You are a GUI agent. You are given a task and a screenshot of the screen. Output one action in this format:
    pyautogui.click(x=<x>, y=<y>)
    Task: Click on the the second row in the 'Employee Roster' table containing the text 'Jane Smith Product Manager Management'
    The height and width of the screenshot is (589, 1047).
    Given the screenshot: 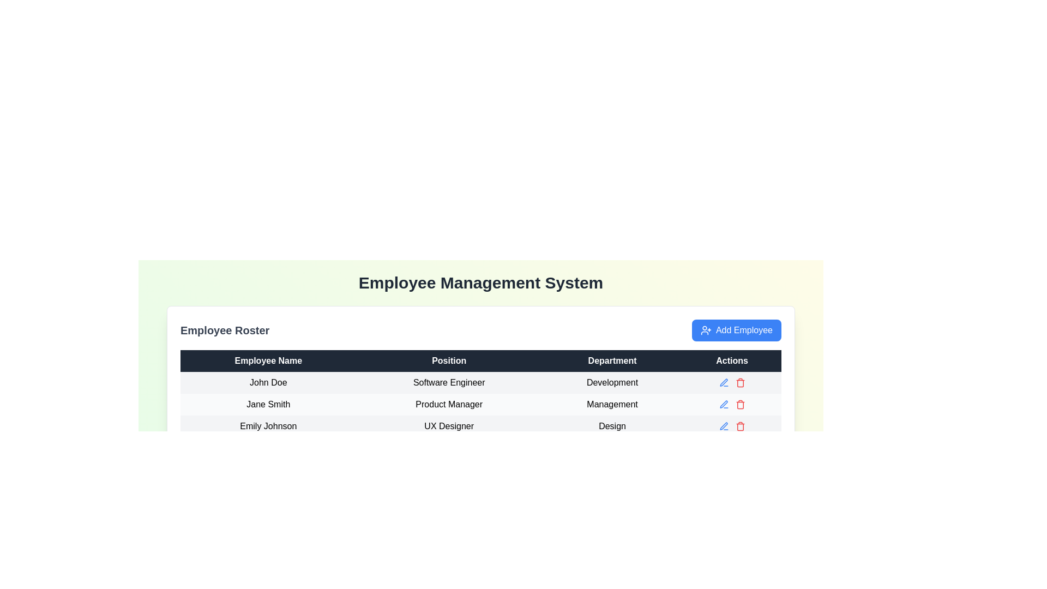 What is the action you would take?
    pyautogui.click(x=480, y=404)
    